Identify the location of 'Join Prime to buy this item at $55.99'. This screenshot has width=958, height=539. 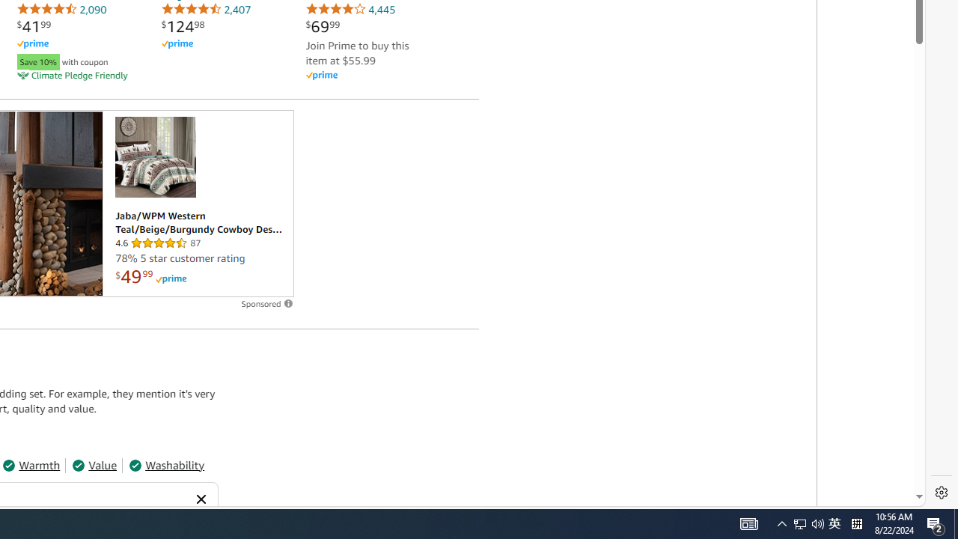
(356, 52).